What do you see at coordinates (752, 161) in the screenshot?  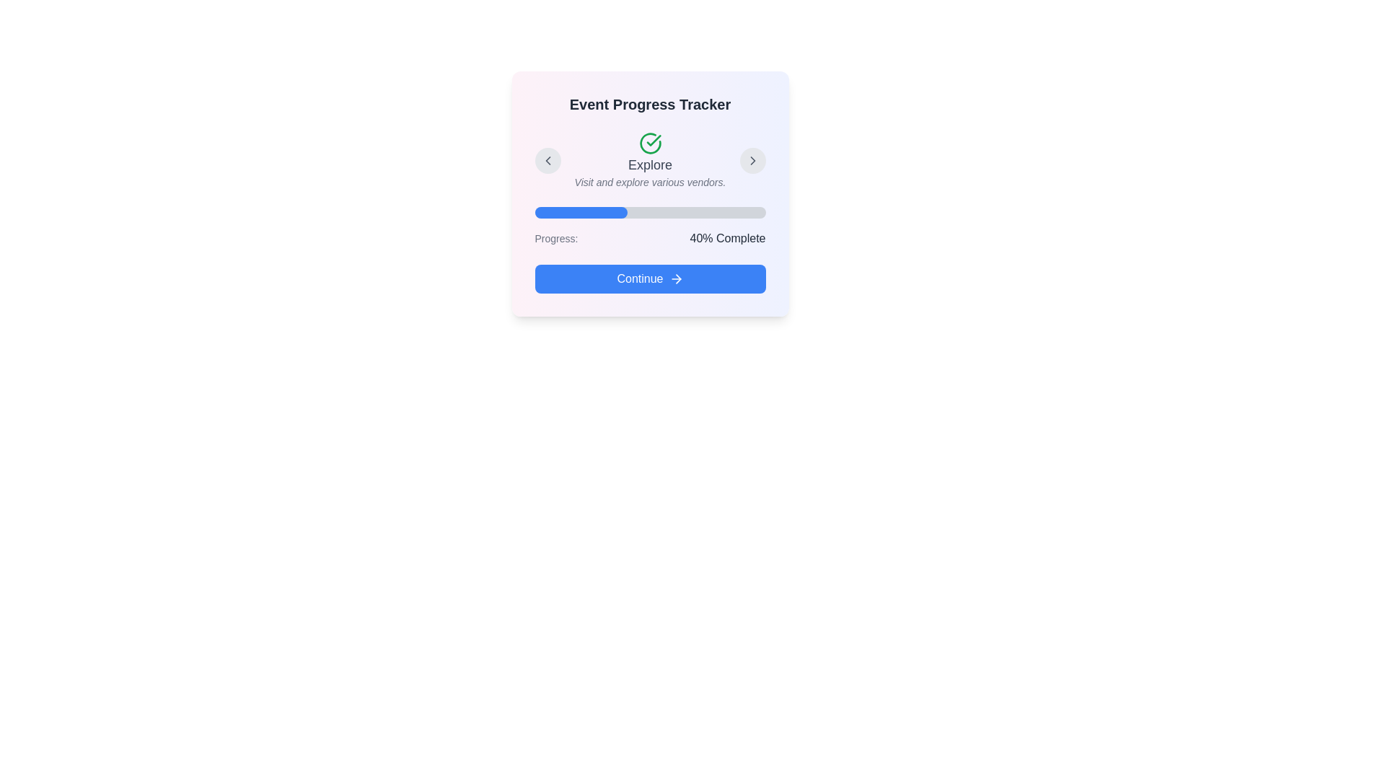 I see `the circular button with a gray background and a chevron icon` at bounding box center [752, 161].